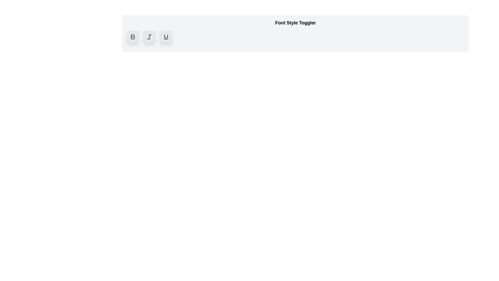 The image size is (499, 281). Describe the element at coordinates (133, 37) in the screenshot. I see `the bold-style button icon, represented by an outlined 'B' character, located in the top-left corner of the interface` at that location.